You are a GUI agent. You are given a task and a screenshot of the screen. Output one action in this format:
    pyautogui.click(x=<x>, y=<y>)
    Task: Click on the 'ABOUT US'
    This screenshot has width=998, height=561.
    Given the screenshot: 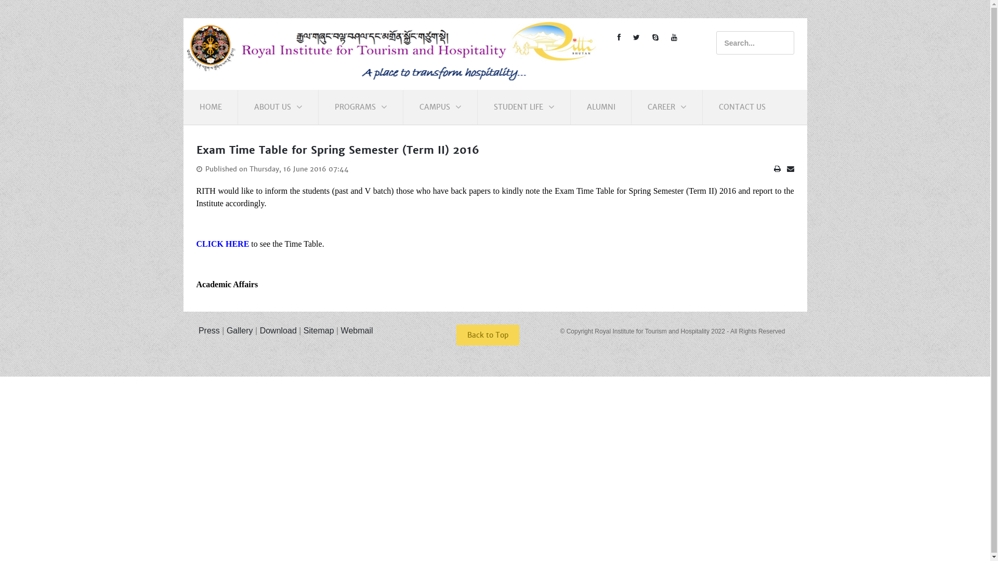 What is the action you would take?
    pyautogui.click(x=278, y=107)
    